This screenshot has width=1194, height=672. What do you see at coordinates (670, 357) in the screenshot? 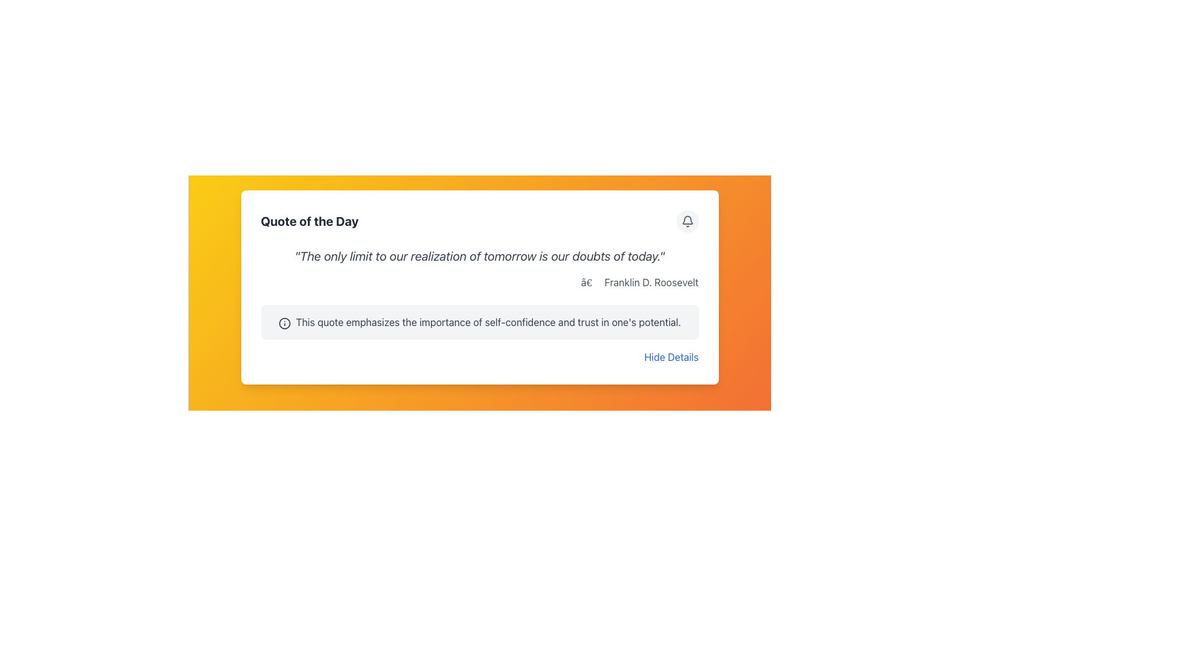
I see `the blue 'Hide Details' text link located at the bottom-right edge of the card layout` at bounding box center [670, 357].